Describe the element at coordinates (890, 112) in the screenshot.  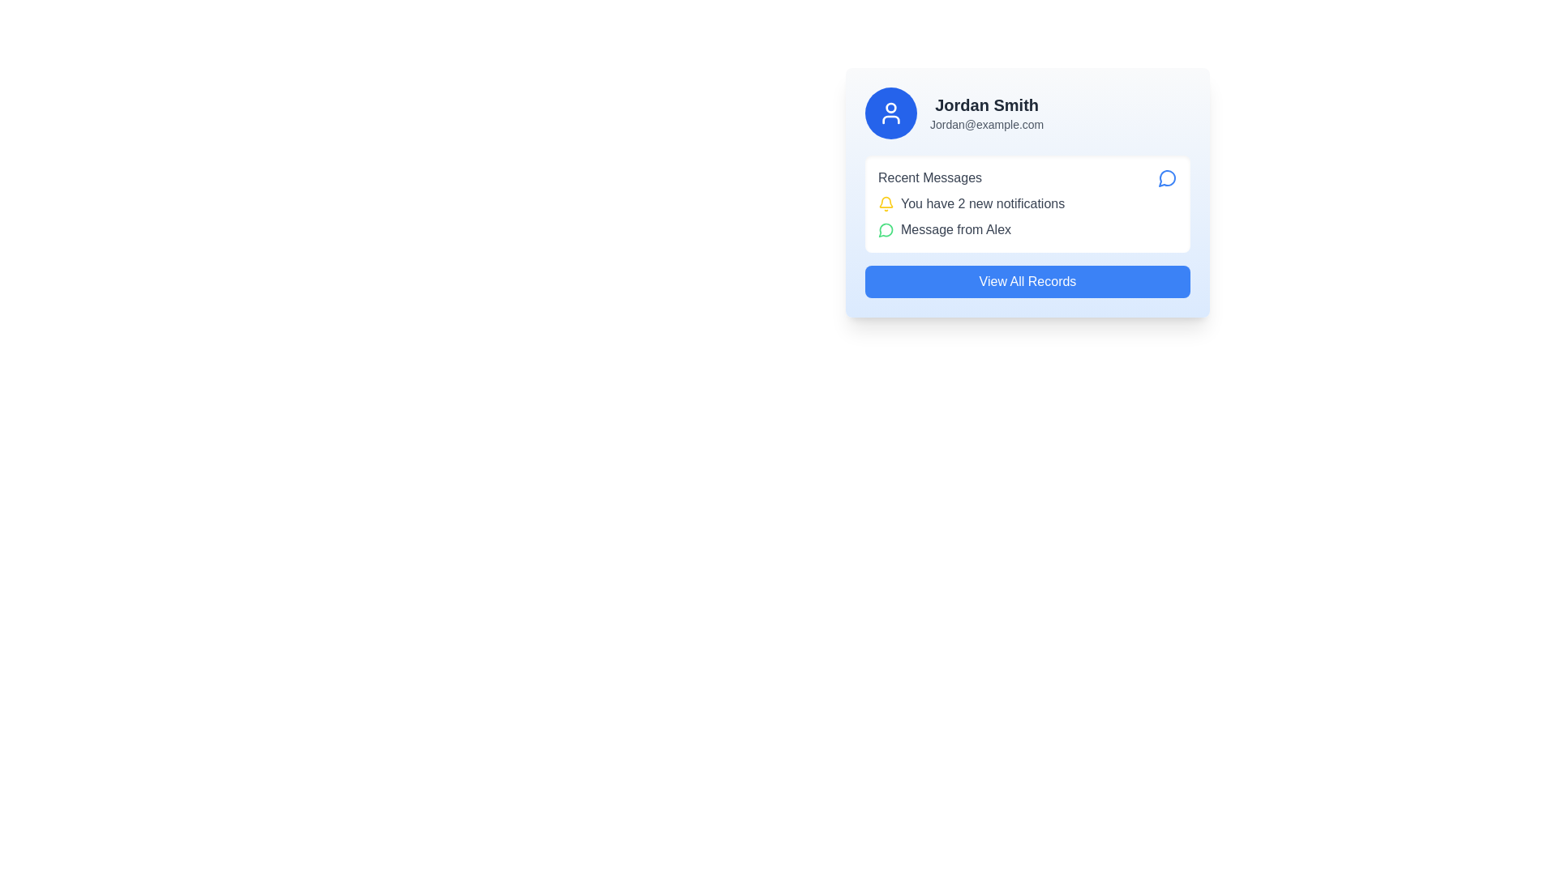
I see `the user icon, which is a circular icon with a blue background and a white border, located at the top-left corner of the user card` at that location.